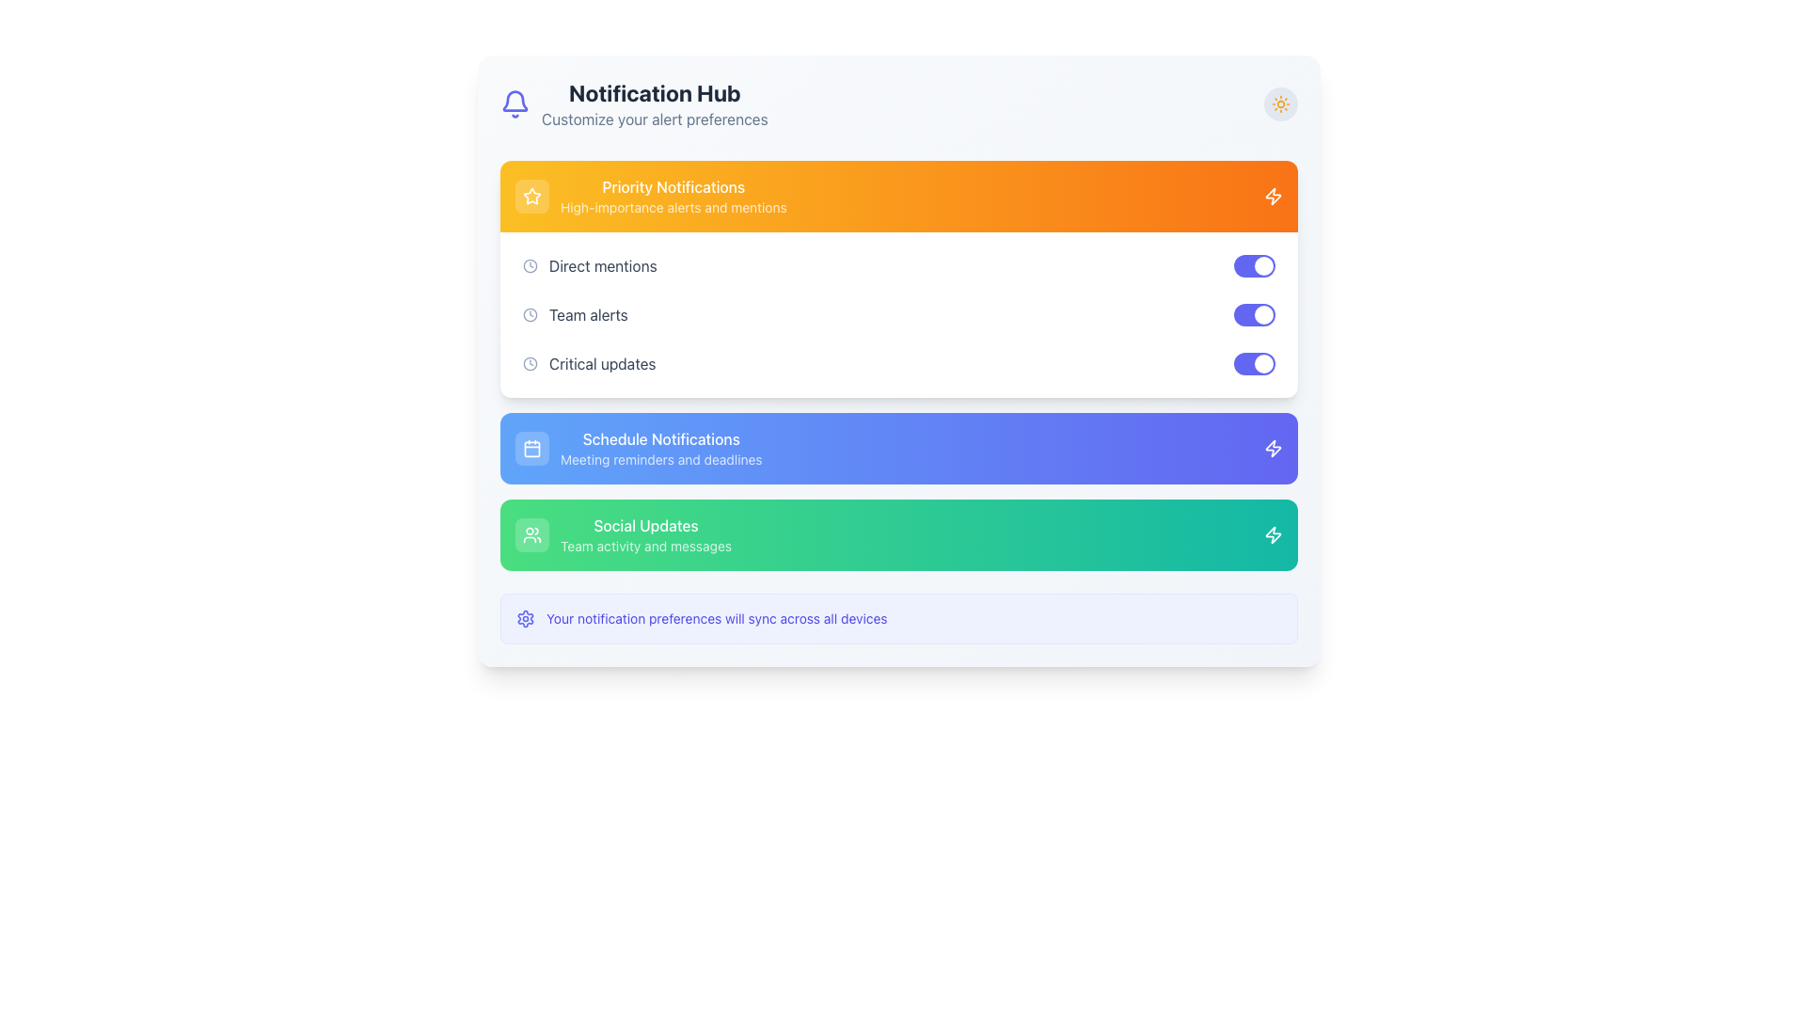  Describe the element at coordinates (661, 449) in the screenshot. I see `text displayed in the centrally positioned Text Display element within the Notification Hub, which provides information about schedule notifications, meeting reminders, and deadlines` at that location.